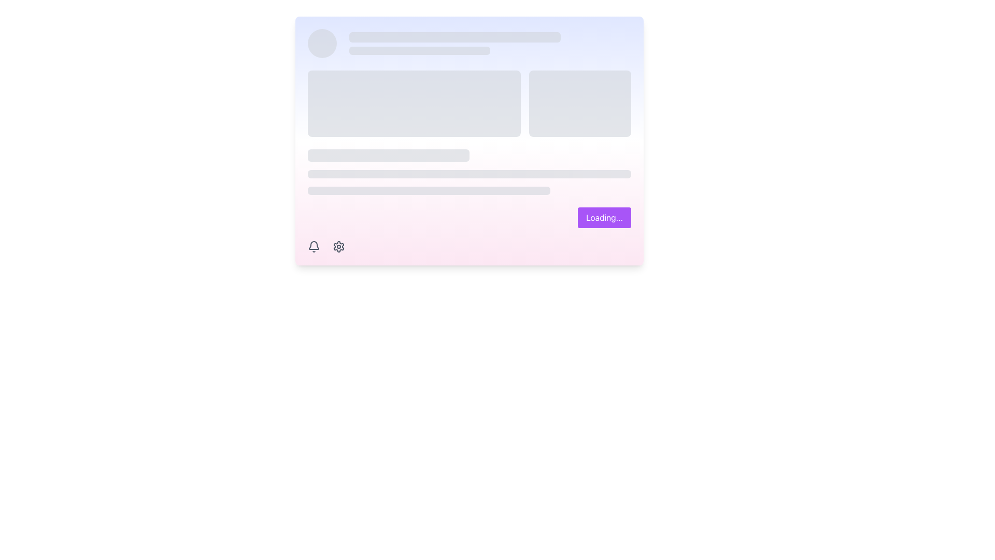  Describe the element at coordinates (455, 37) in the screenshot. I see `the Placeholder bar located at the upper section of a card-like layout, which serves as a placeholder for content` at that location.